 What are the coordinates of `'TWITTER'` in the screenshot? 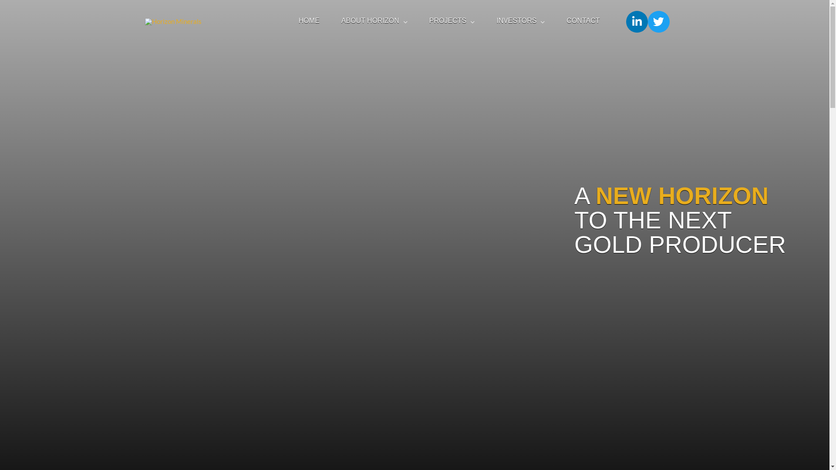 It's located at (658, 21).